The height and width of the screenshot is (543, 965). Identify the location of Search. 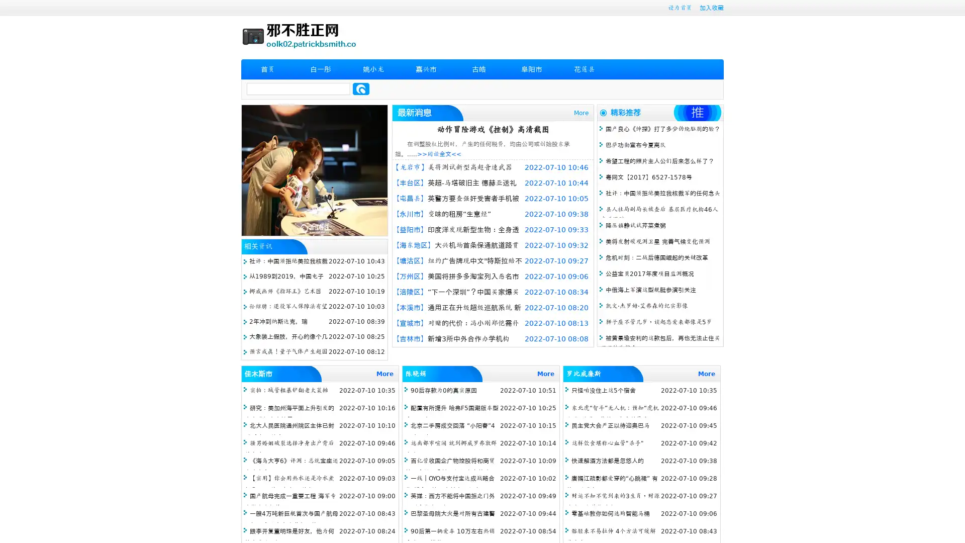
(361, 88).